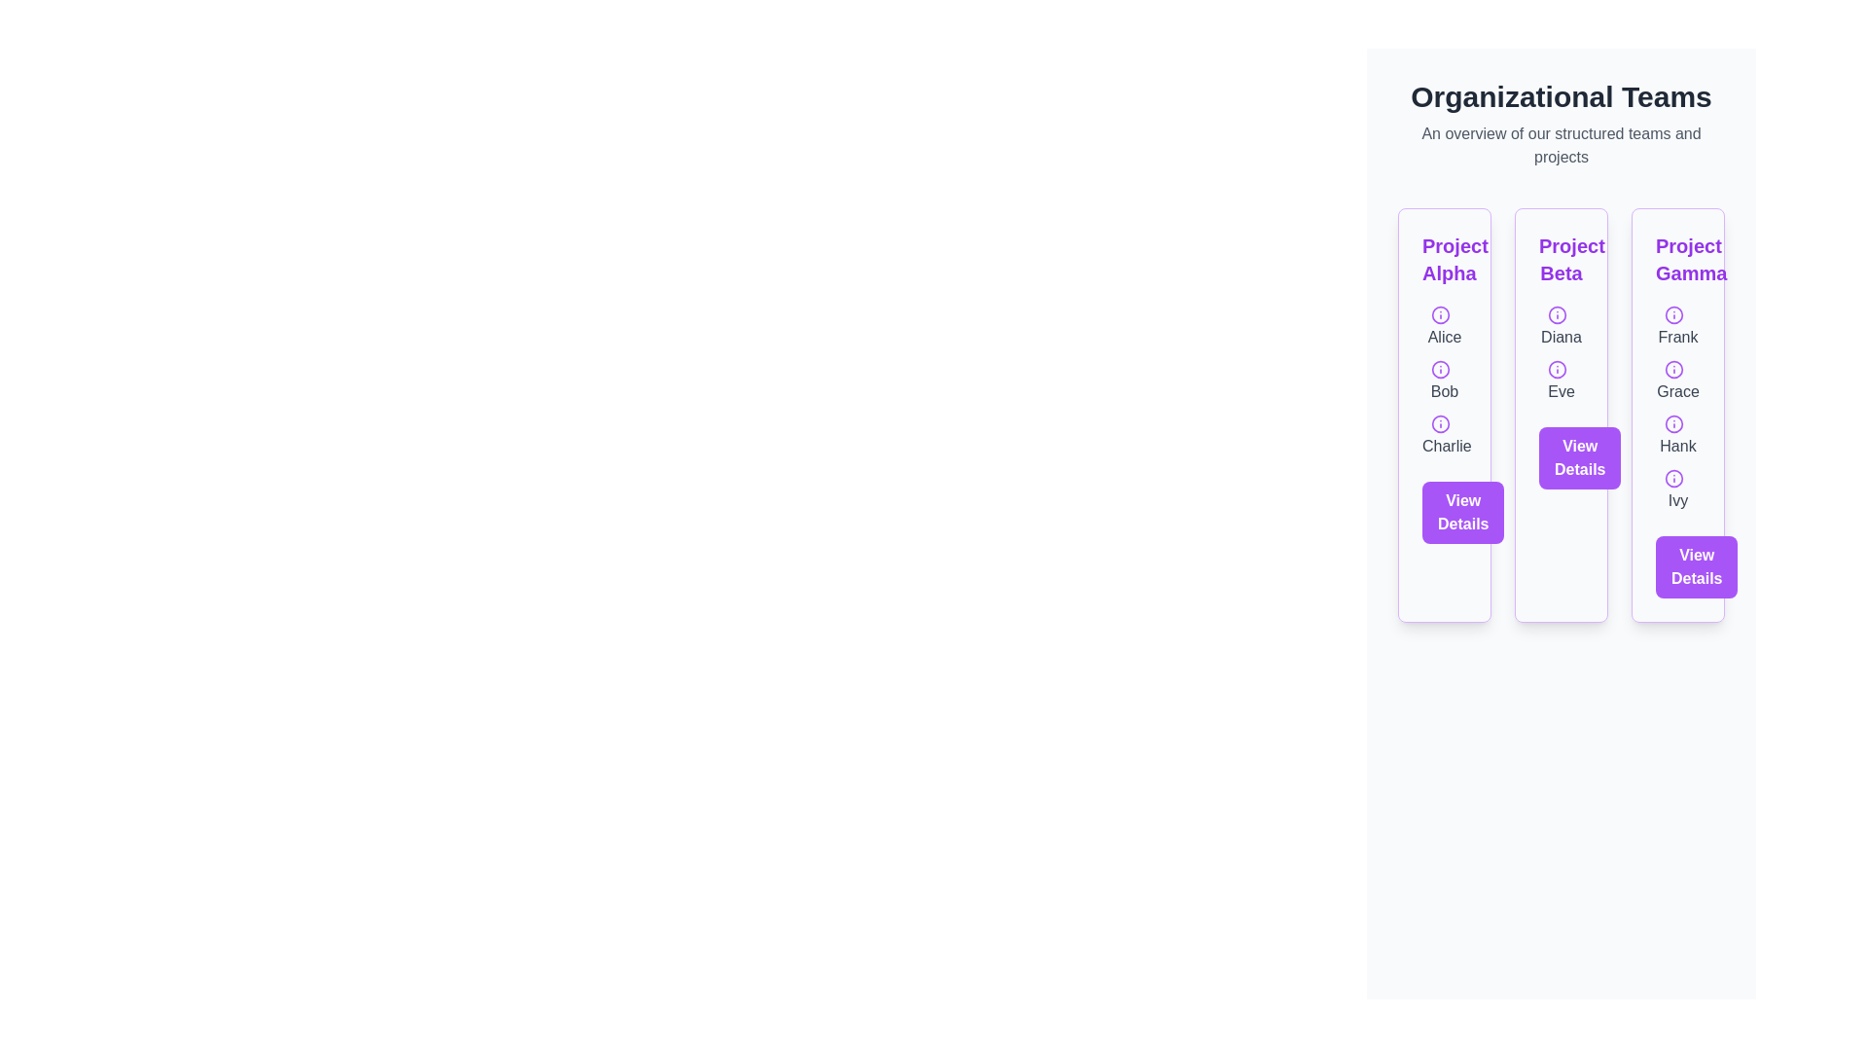 The image size is (1868, 1051). What do you see at coordinates (1441, 313) in the screenshot?
I see `the informational icon associated with 'Alice' in the 'Project Alpha' section` at bounding box center [1441, 313].